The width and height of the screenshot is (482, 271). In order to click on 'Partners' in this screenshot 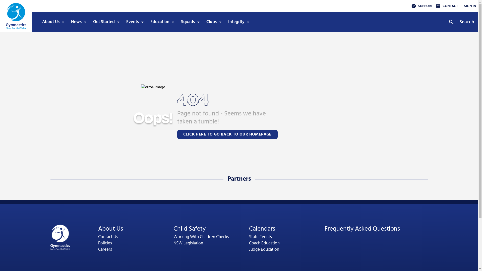, I will do `click(239, 179)`.